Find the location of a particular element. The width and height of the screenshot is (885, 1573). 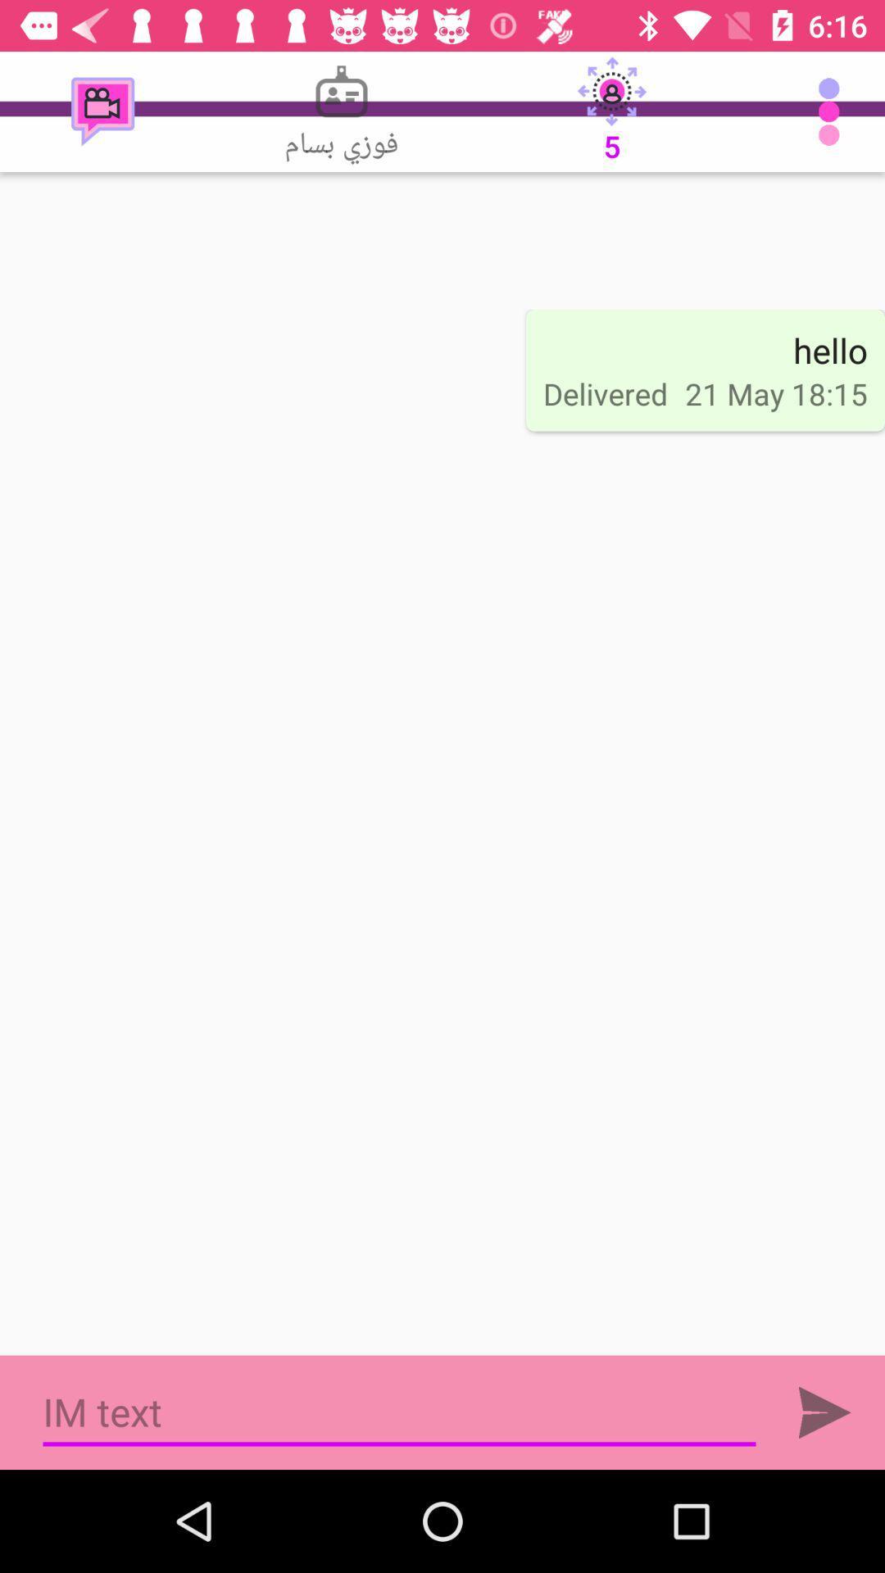

item next to delivered icon is located at coordinates (830, 349).